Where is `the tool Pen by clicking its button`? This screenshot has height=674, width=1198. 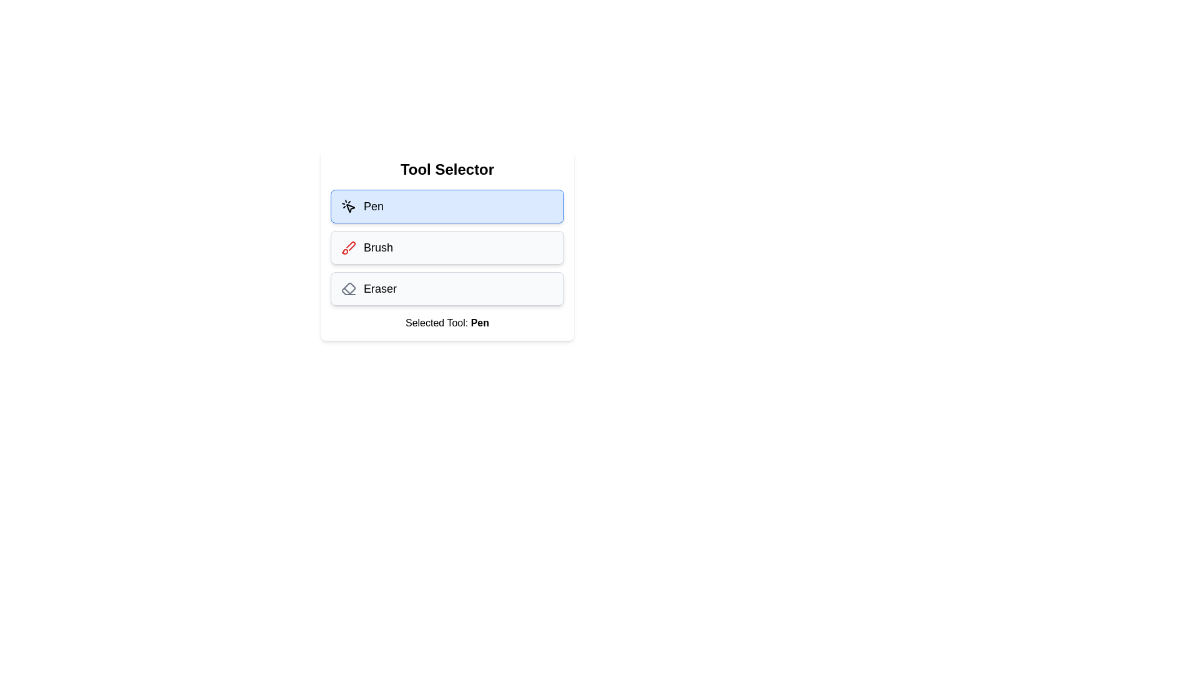
the tool Pen by clicking its button is located at coordinates (447, 206).